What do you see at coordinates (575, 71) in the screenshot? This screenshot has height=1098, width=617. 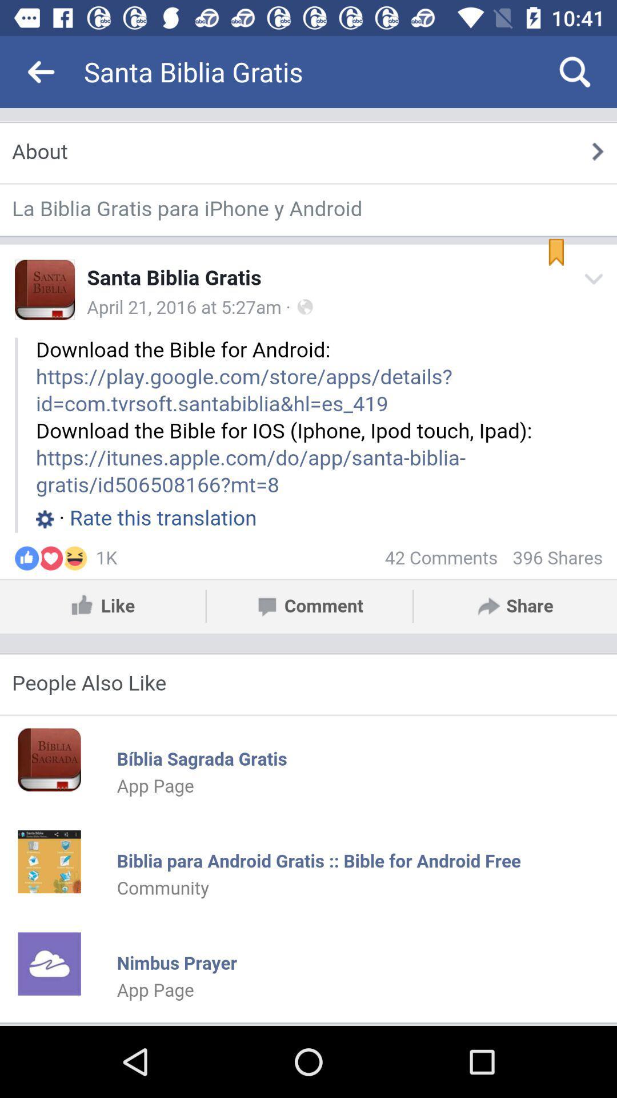 I see `the item to the right of santa biblia gratis` at bounding box center [575, 71].